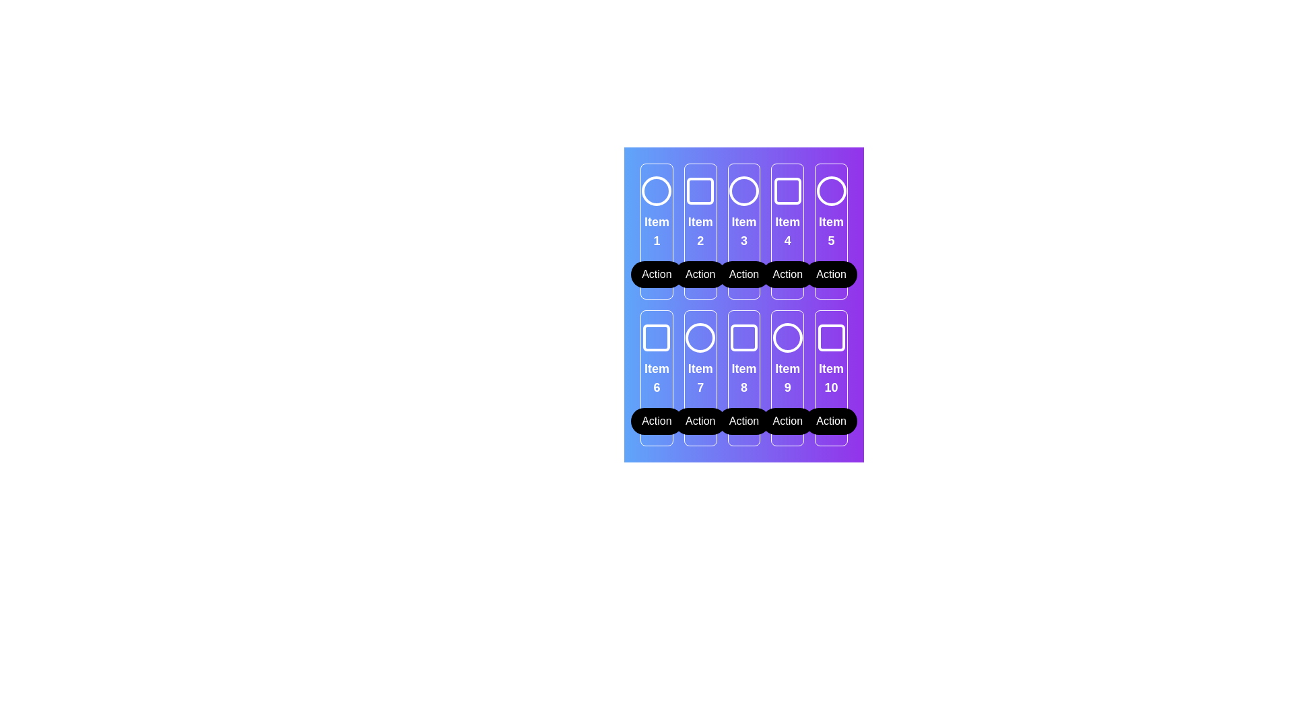 The image size is (1293, 727). I want to click on the properties of the graphical box element located in the last cell of the second row of the grid layout, aligned within the column labeled 'Item 10', so click(830, 337).